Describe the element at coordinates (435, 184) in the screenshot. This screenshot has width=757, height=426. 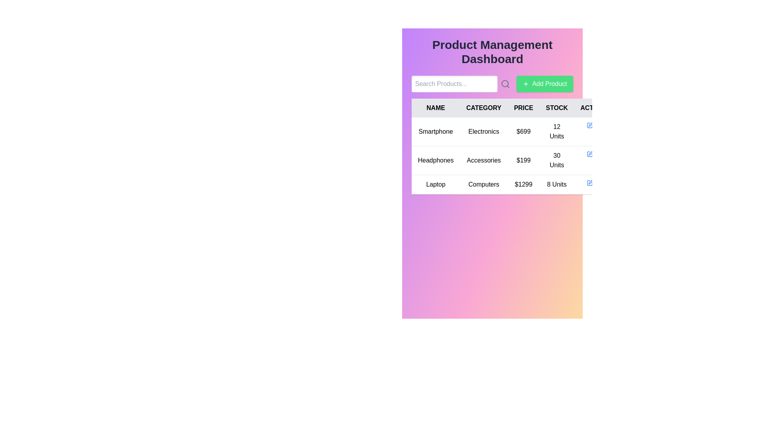
I see `the text label displaying 'Laptop' in bold font, located in the third row of the table under the 'NAME' column` at that location.